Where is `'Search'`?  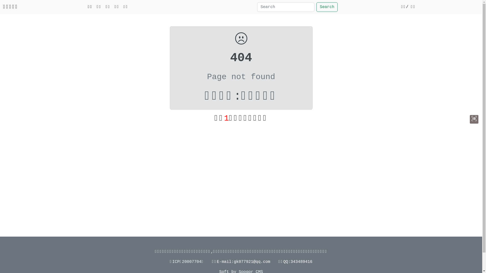
'Search' is located at coordinates (327, 7).